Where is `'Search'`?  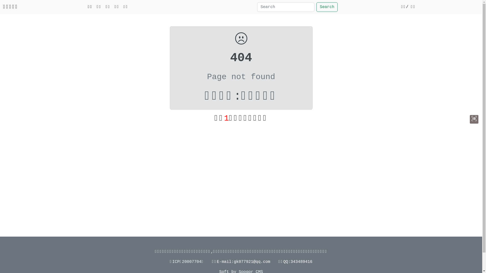
'Search' is located at coordinates (327, 7).